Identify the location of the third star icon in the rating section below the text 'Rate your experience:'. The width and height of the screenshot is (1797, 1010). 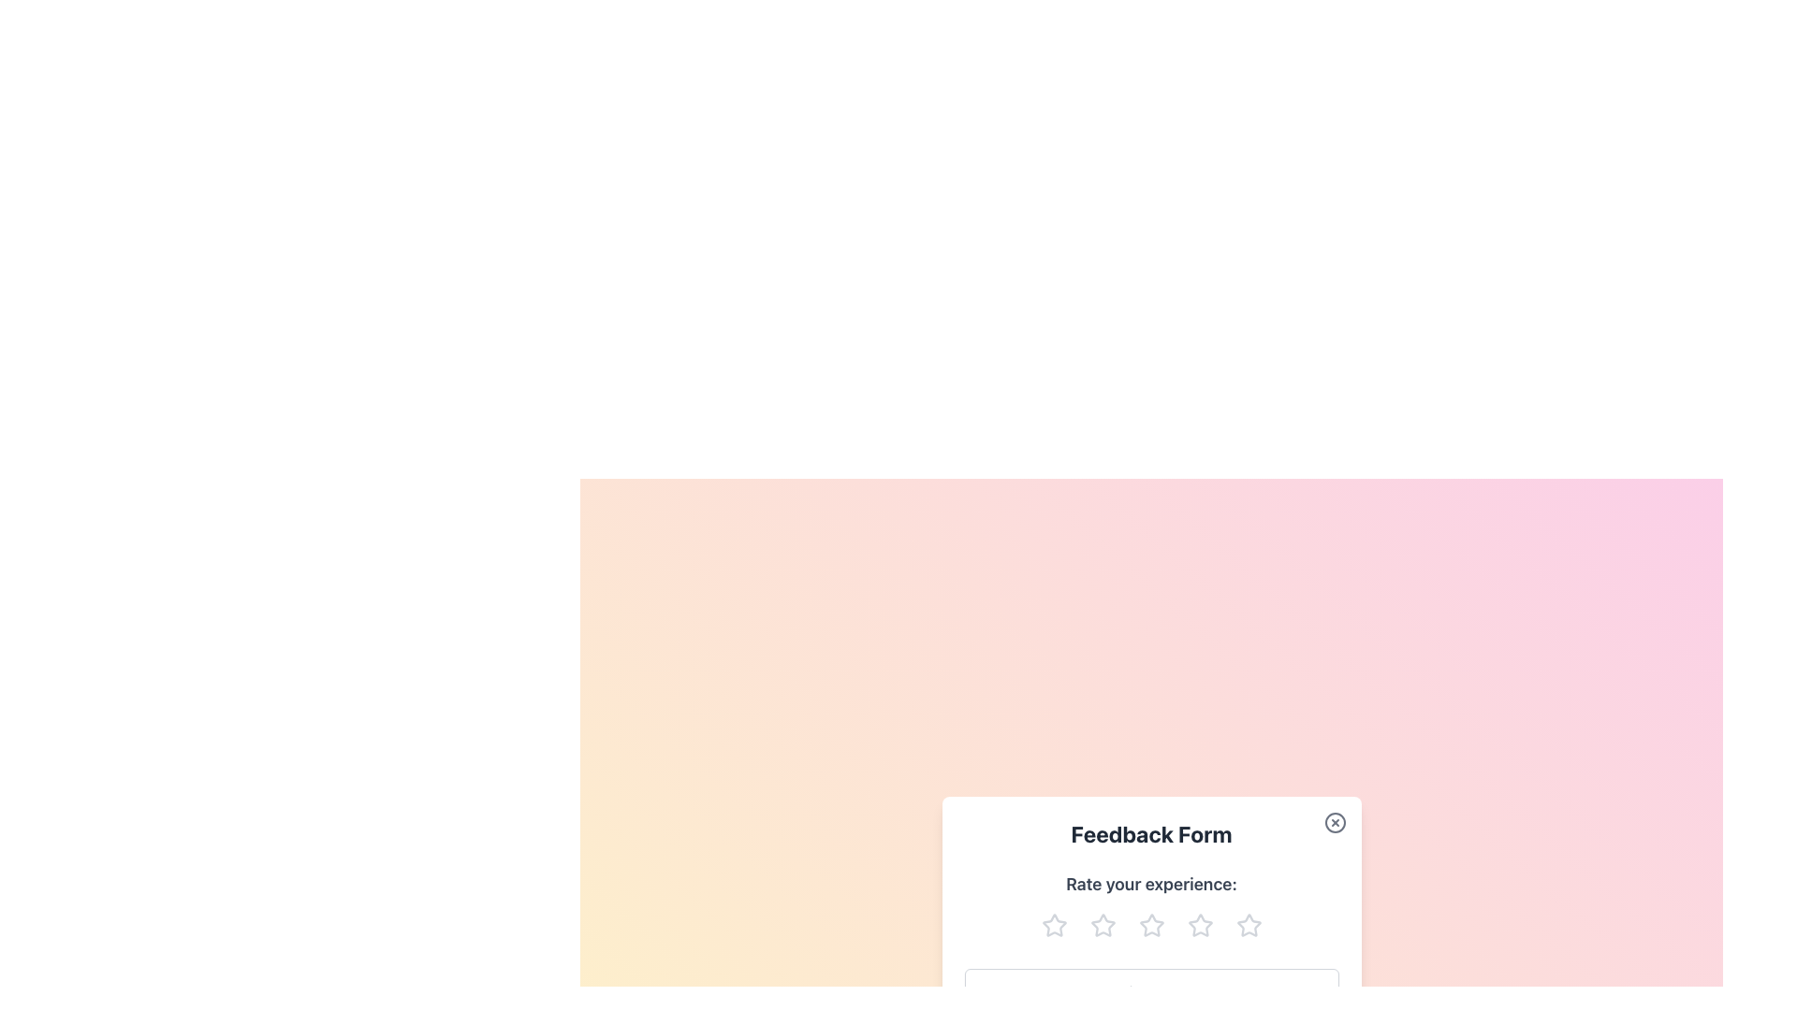
(1150, 924).